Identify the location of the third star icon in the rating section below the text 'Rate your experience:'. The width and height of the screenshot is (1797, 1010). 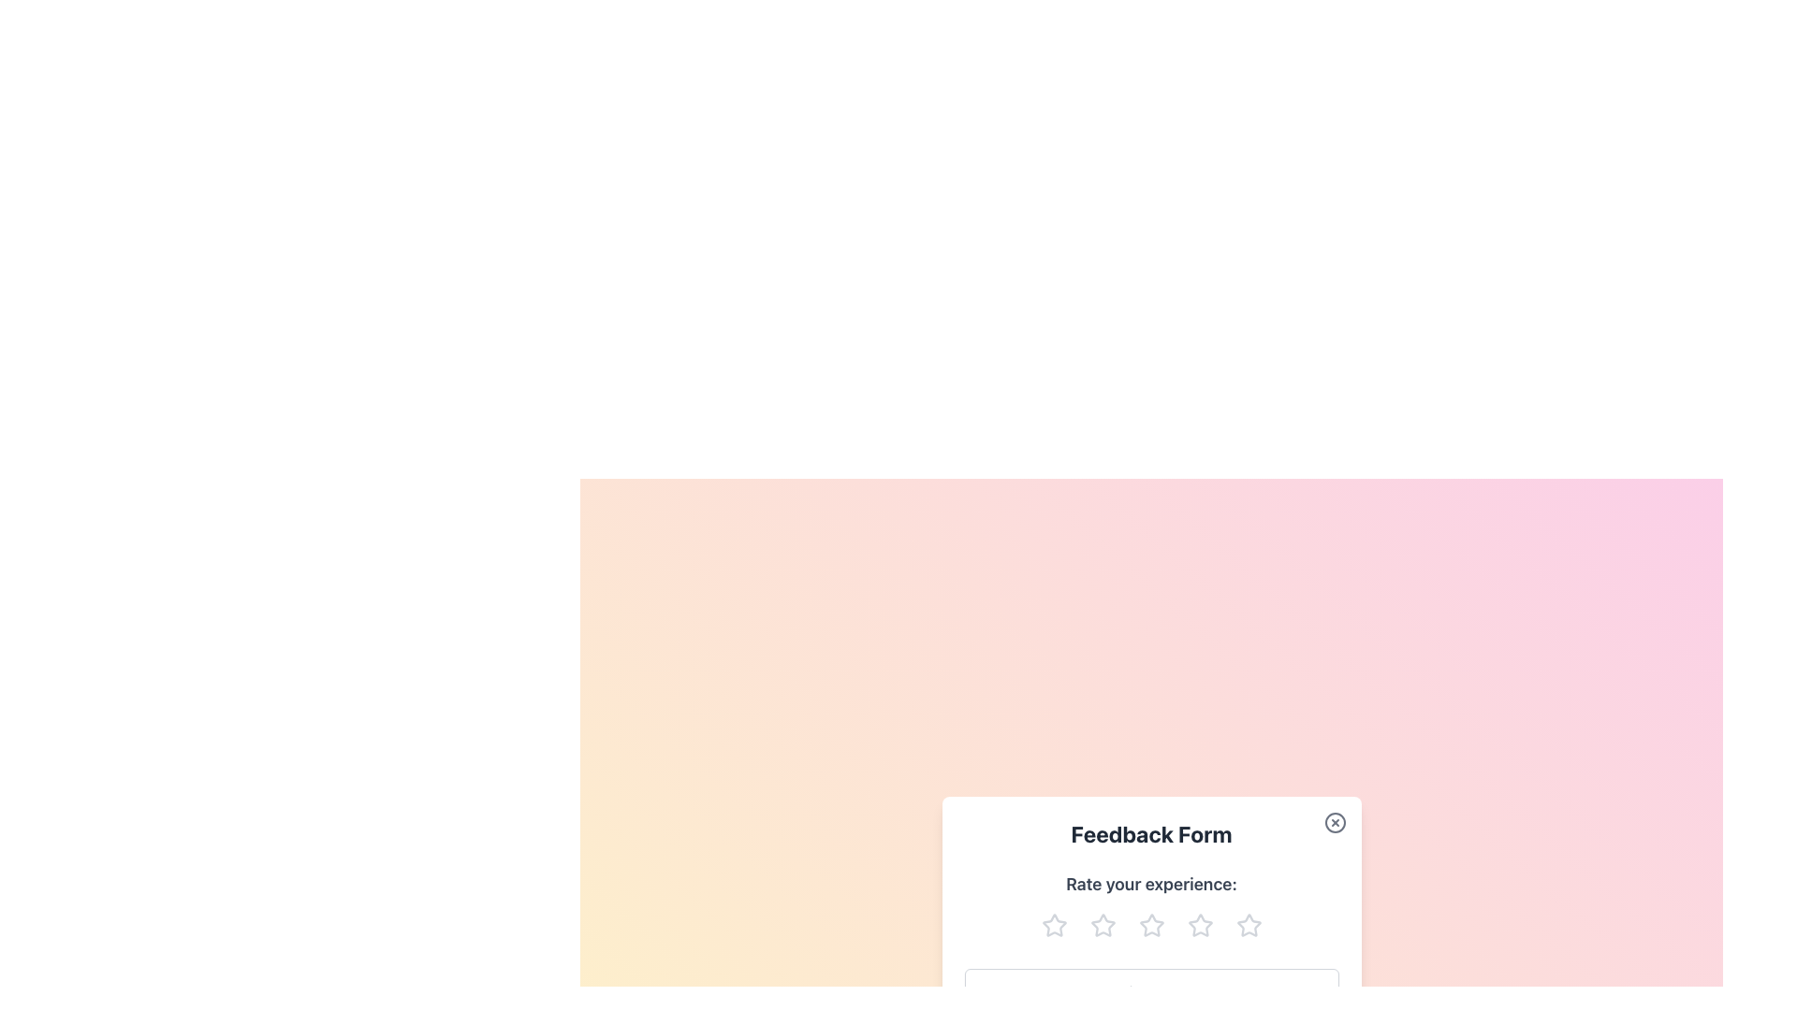
(1150, 924).